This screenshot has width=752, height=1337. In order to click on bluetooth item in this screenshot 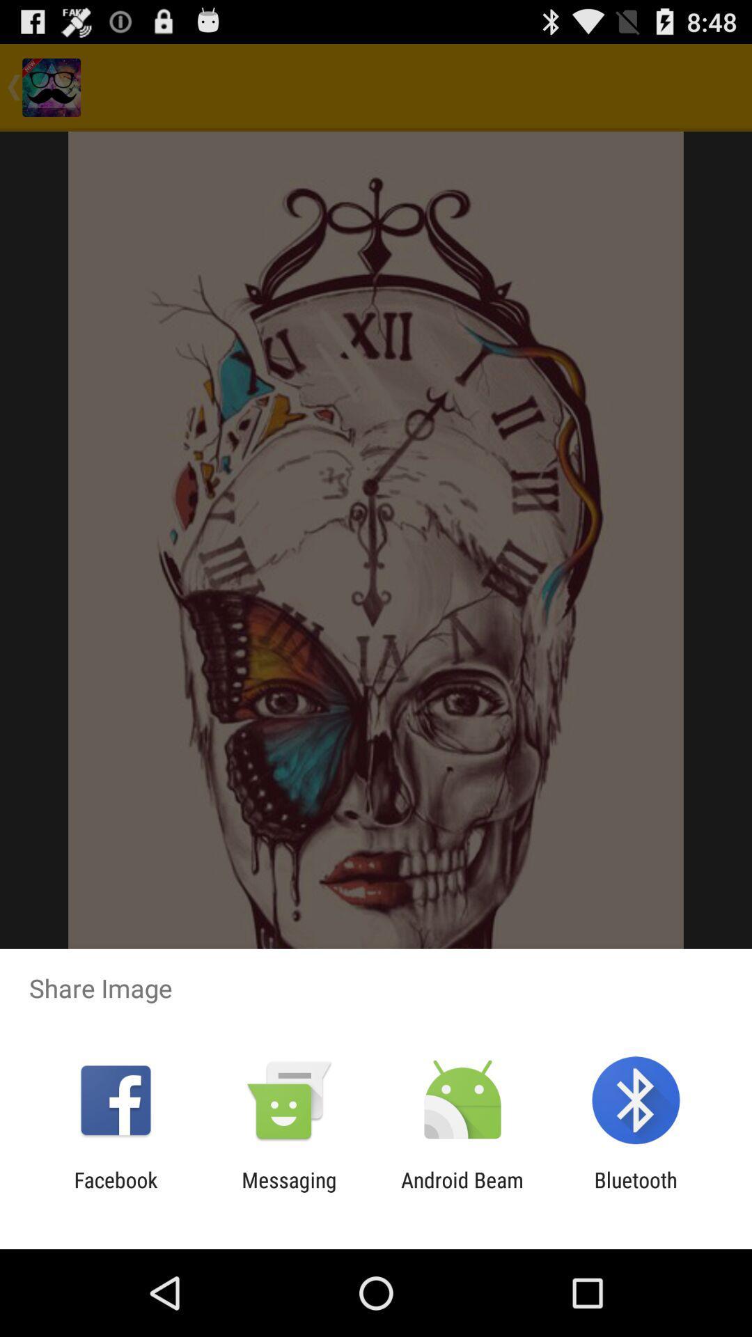, I will do `click(636, 1191)`.